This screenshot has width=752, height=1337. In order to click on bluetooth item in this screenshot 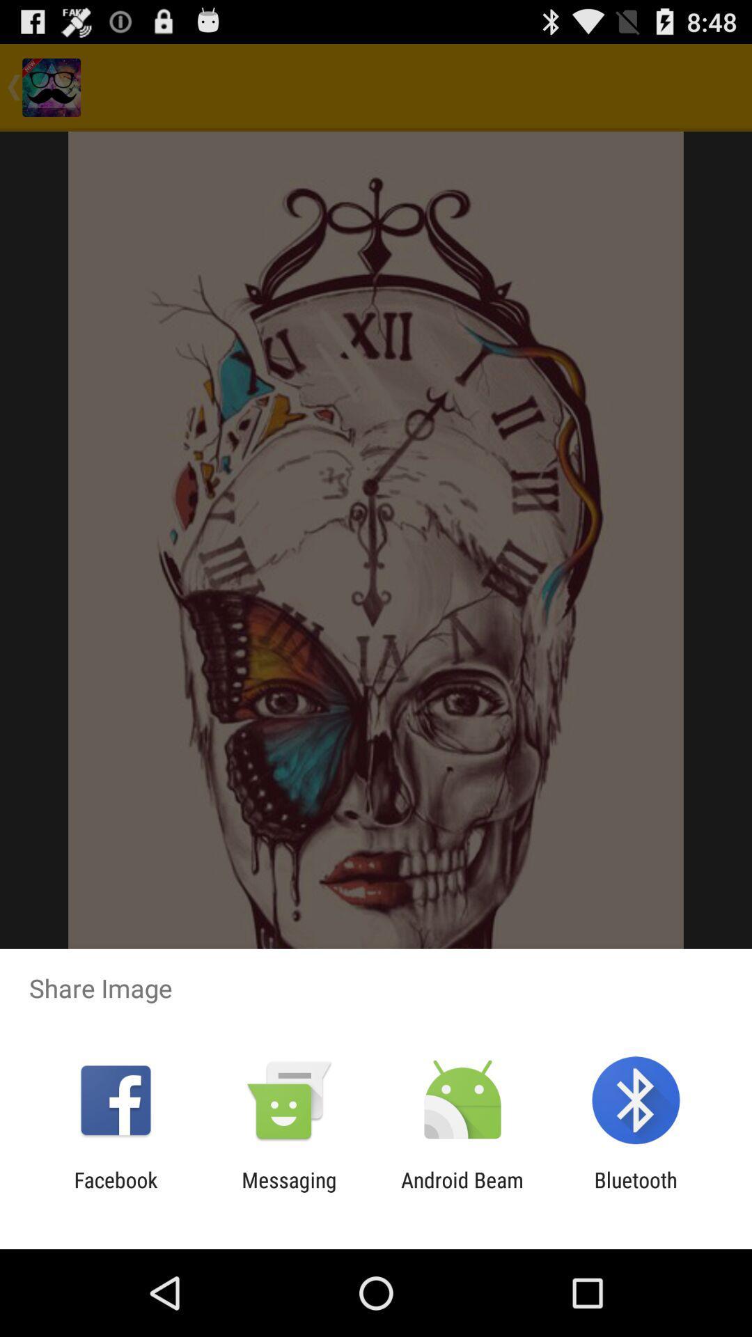, I will do `click(636, 1191)`.